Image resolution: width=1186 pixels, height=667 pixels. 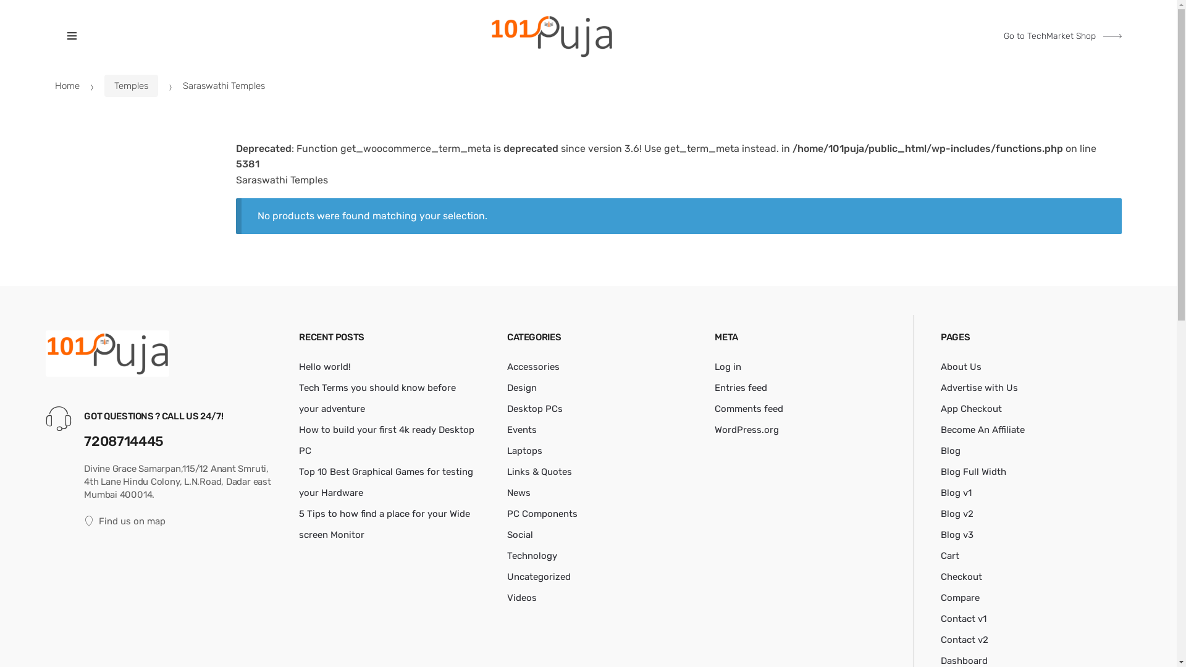 What do you see at coordinates (964, 639) in the screenshot?
I see `'Contact v2'` at bounding box center [964, 639].